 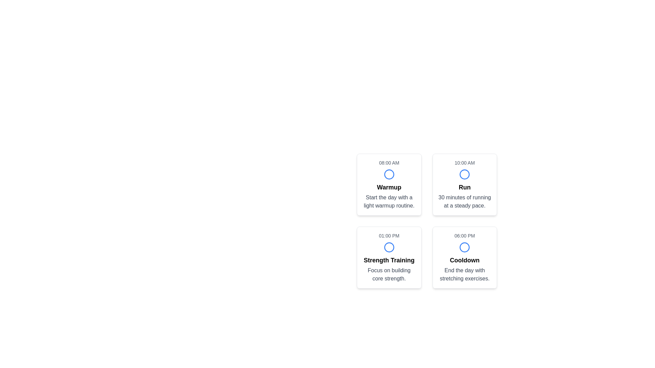 I want to click on text label that says 'Focus on building core strength.' located at the bottom of the card in the bottom-left part of the grid layout, so click(x=389, y=274).